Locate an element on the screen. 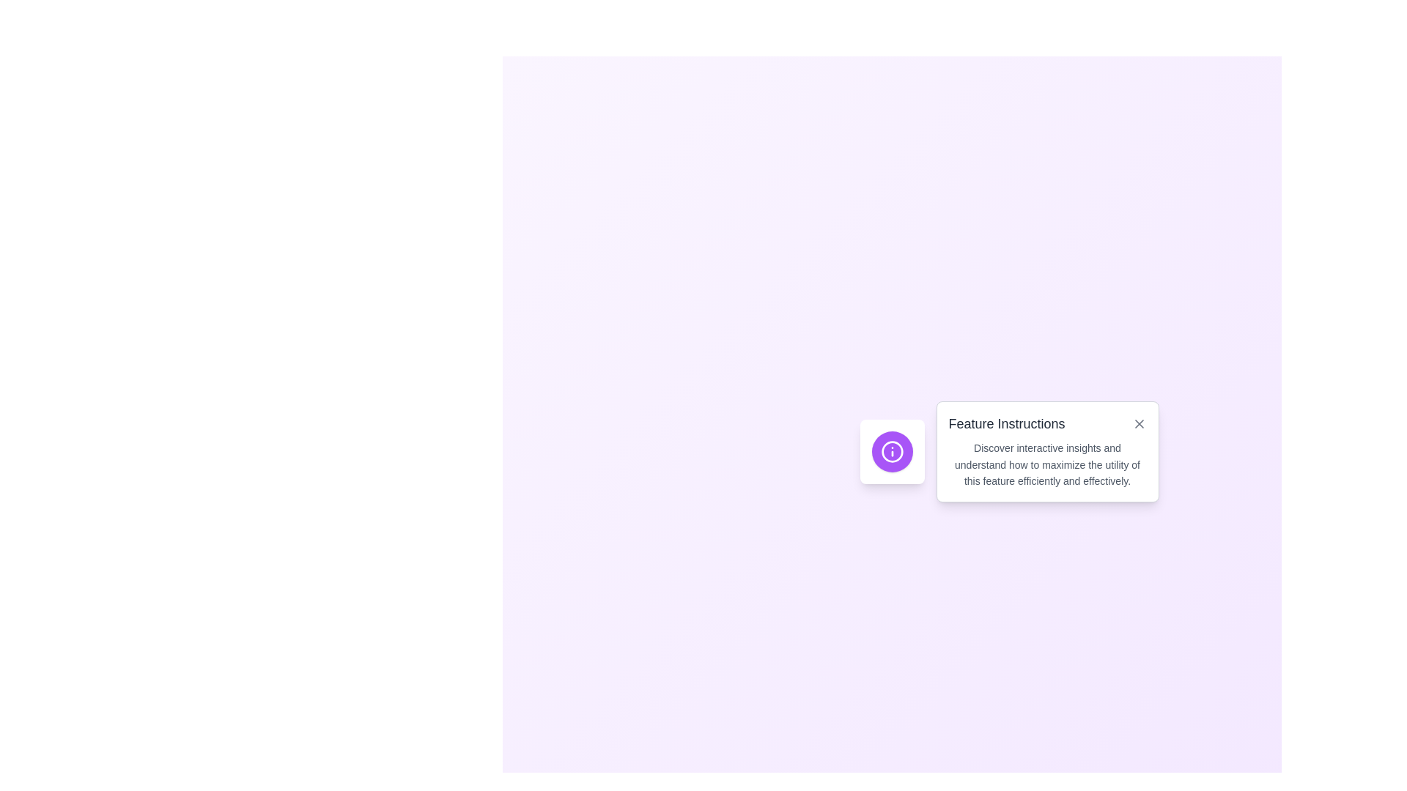  the SVG Circle icon located to the left of the 'Feature Instructions' text area, which serves as an interactive element for visual communication is located at coordinates (891, 451).